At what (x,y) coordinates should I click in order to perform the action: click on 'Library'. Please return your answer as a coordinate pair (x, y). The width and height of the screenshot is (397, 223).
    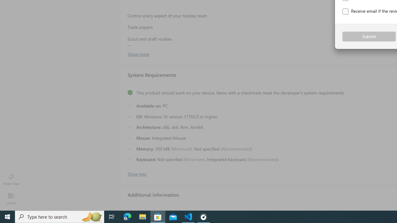
    Looking at the image, I should click on (11, 198).